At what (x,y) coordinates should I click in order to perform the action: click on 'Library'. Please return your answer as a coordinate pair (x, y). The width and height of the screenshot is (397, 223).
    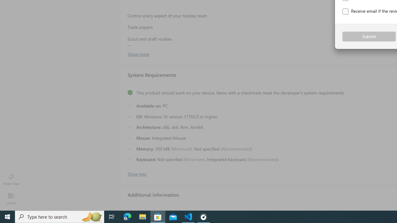
    Looking at the image, I should click on (11, 198).